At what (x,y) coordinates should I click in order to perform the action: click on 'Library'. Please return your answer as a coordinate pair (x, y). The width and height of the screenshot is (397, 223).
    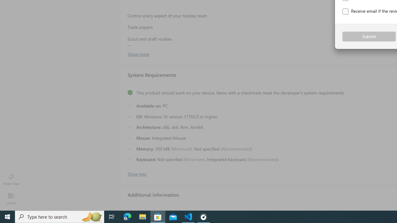
    Looking at the image, I should click on (11, 198).